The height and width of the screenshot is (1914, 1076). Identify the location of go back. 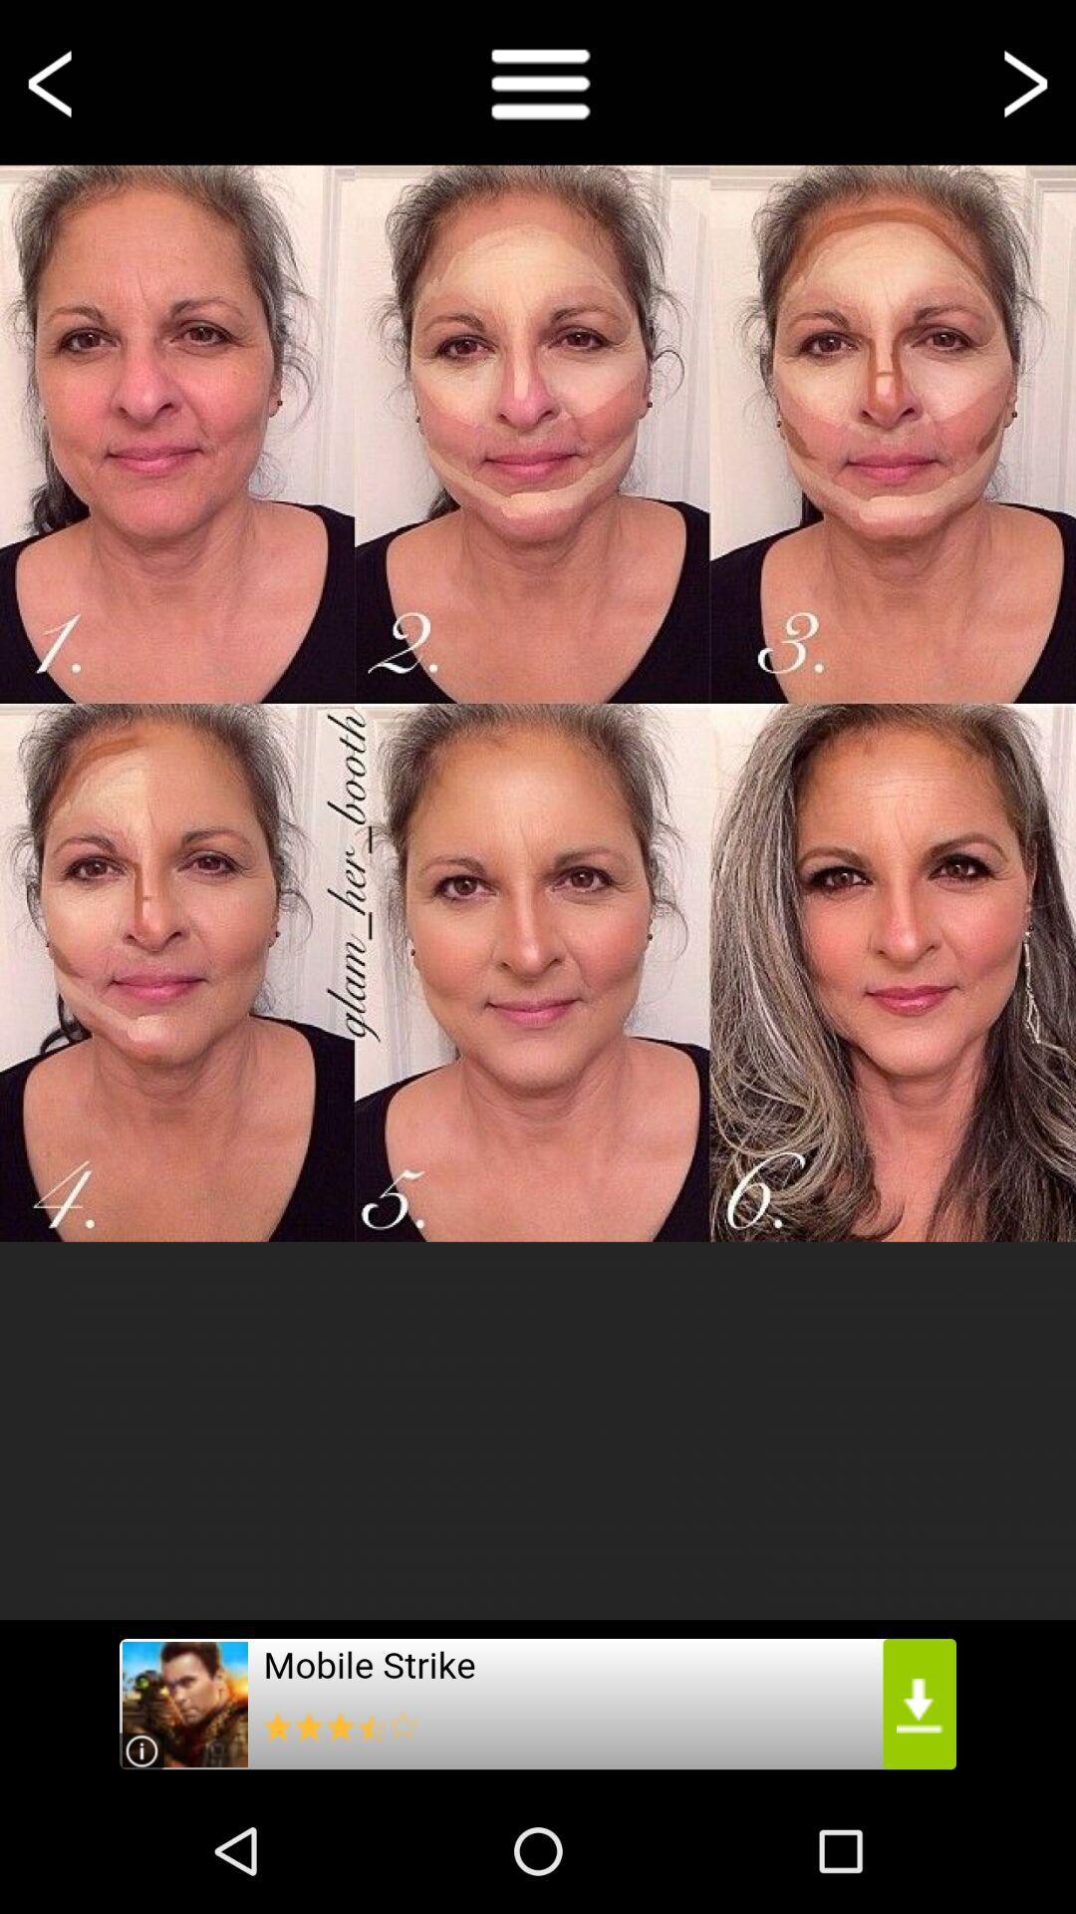
(53, 81).